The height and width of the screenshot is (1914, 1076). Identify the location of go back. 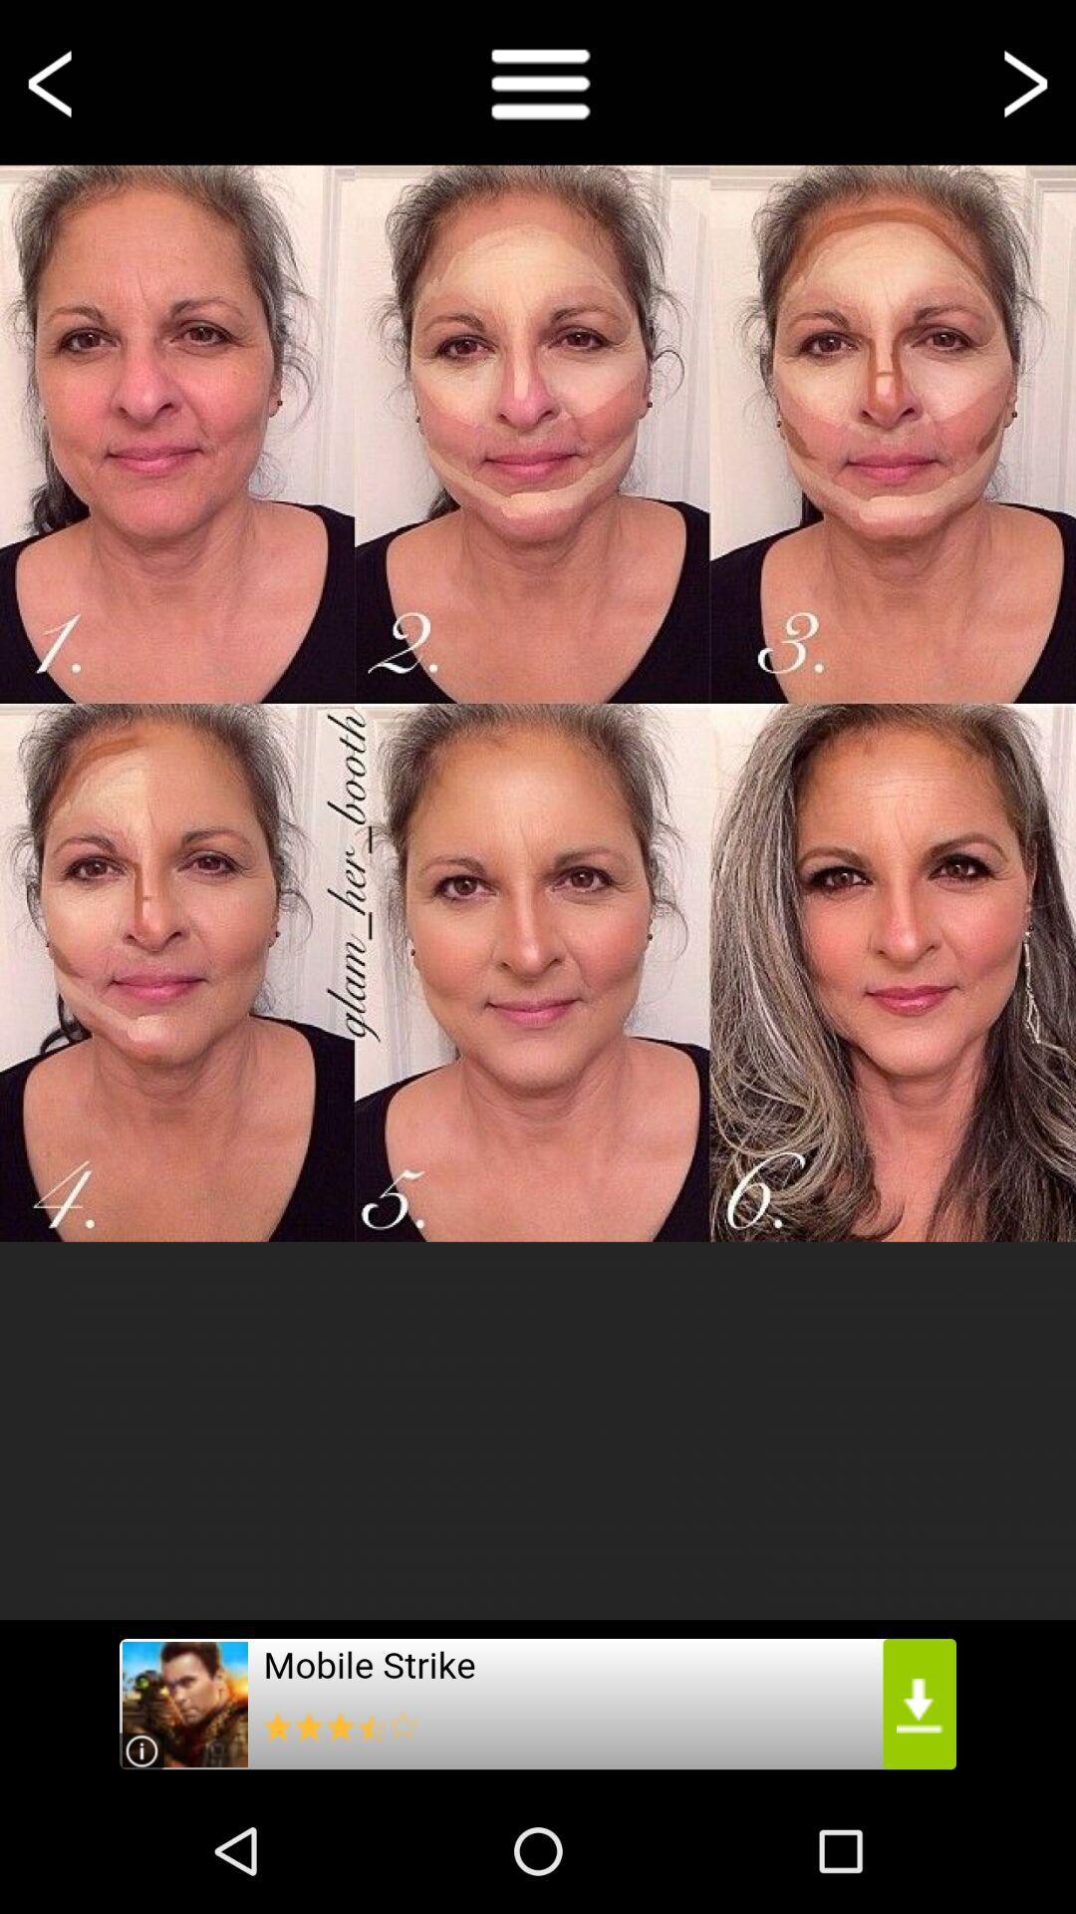
(53, 81).